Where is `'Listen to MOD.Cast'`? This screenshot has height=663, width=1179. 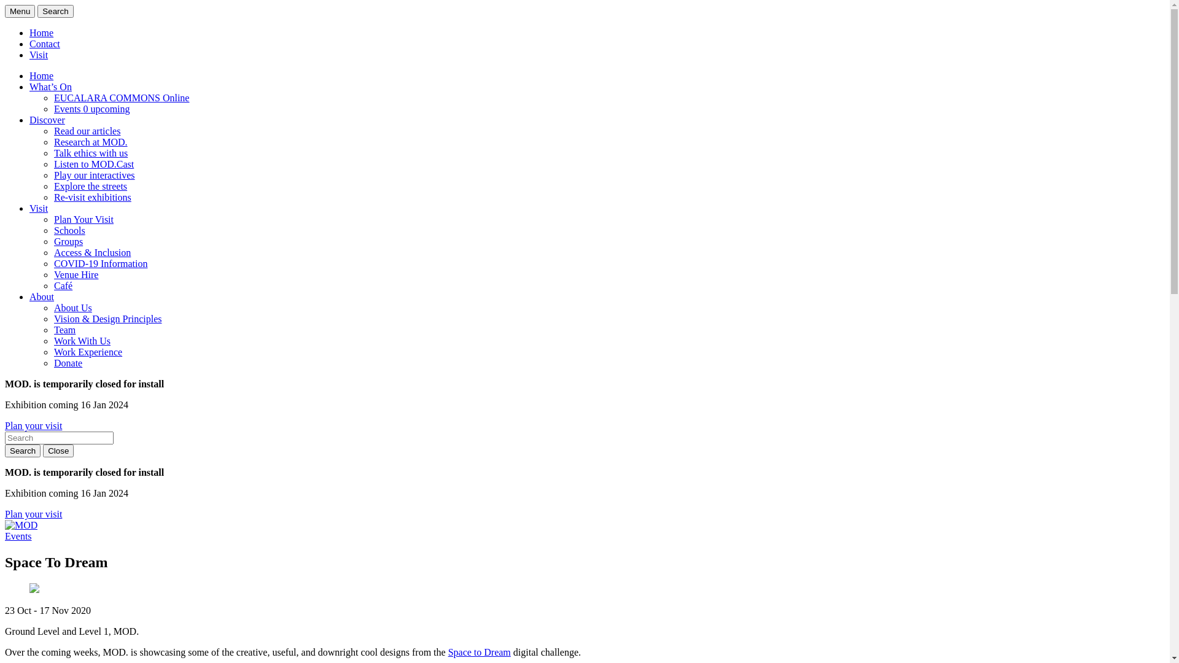 'Listen to MOD.Cast' is located at coordinates (93, 163).